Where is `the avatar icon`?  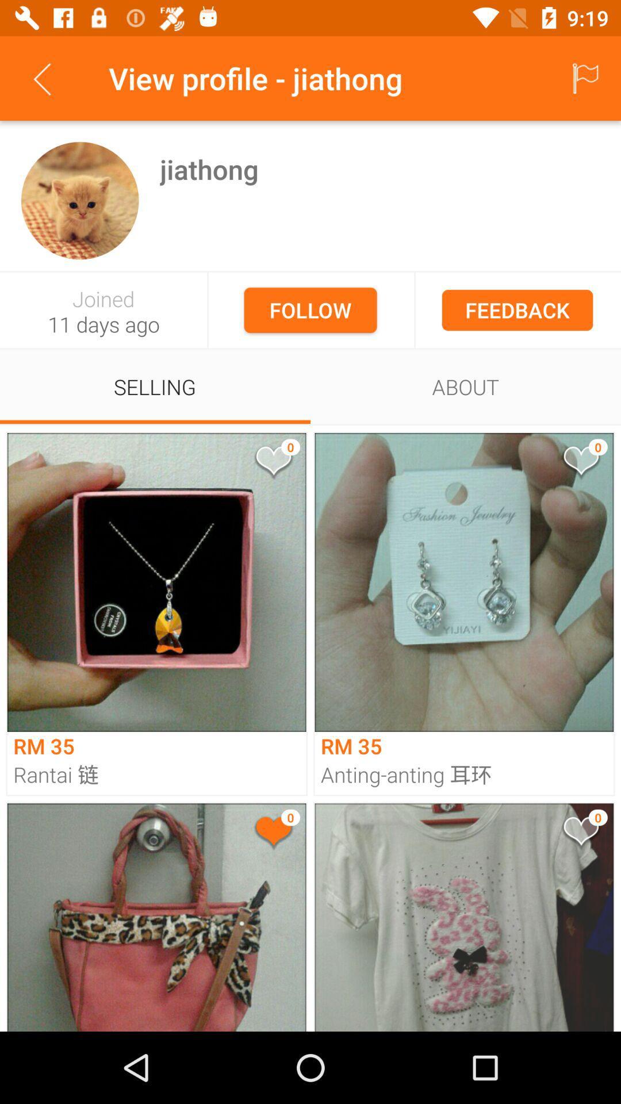
the avatar icon is located at coordinates (79, 201).